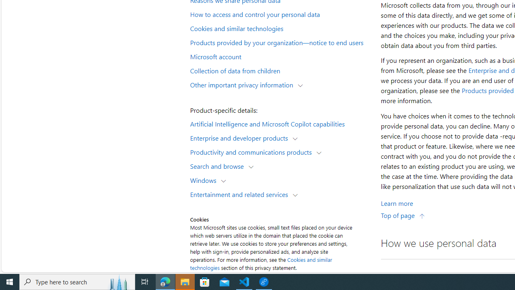 Image resolution: width=515 pixels, height=290 pixels. What do you see at coordinates (205, 180) in the screenshot?
I see `'Windows'` at bounding box center [205, 180].